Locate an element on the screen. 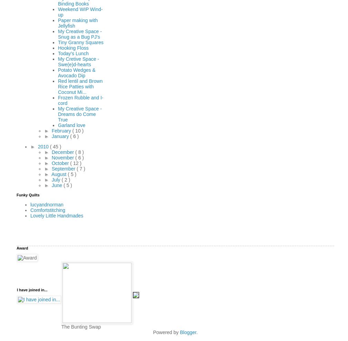 The height and width of the screenshot is (341, 348). '(
              2
              )' is located at coordinates (66, 179).